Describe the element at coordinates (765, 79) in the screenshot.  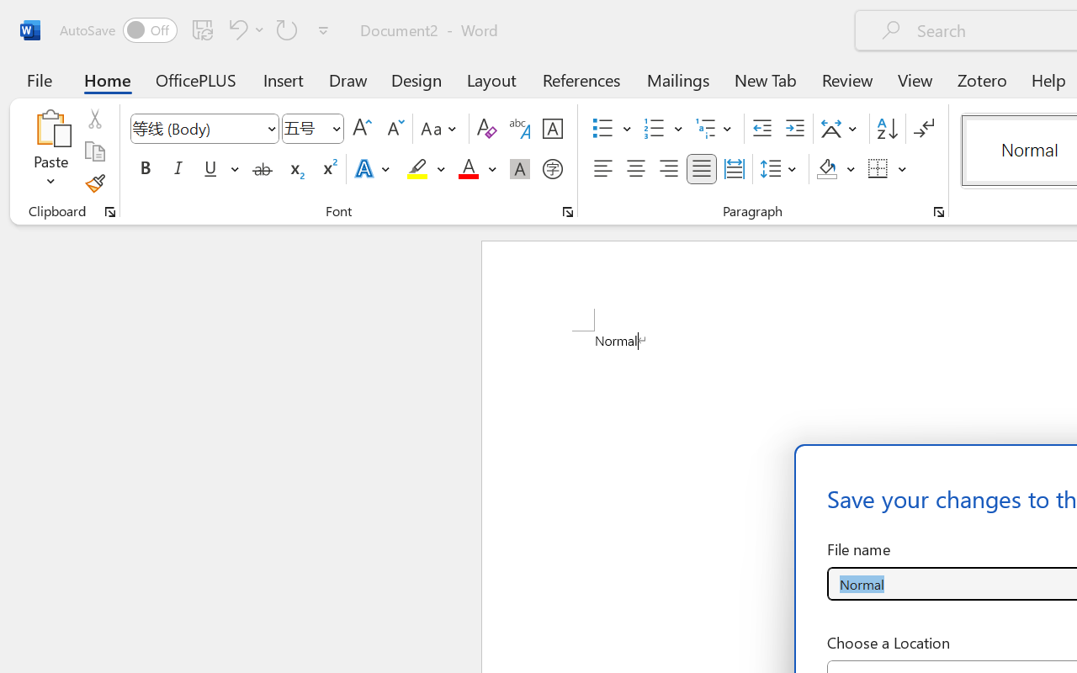
I see `'New Tab'` at that location.